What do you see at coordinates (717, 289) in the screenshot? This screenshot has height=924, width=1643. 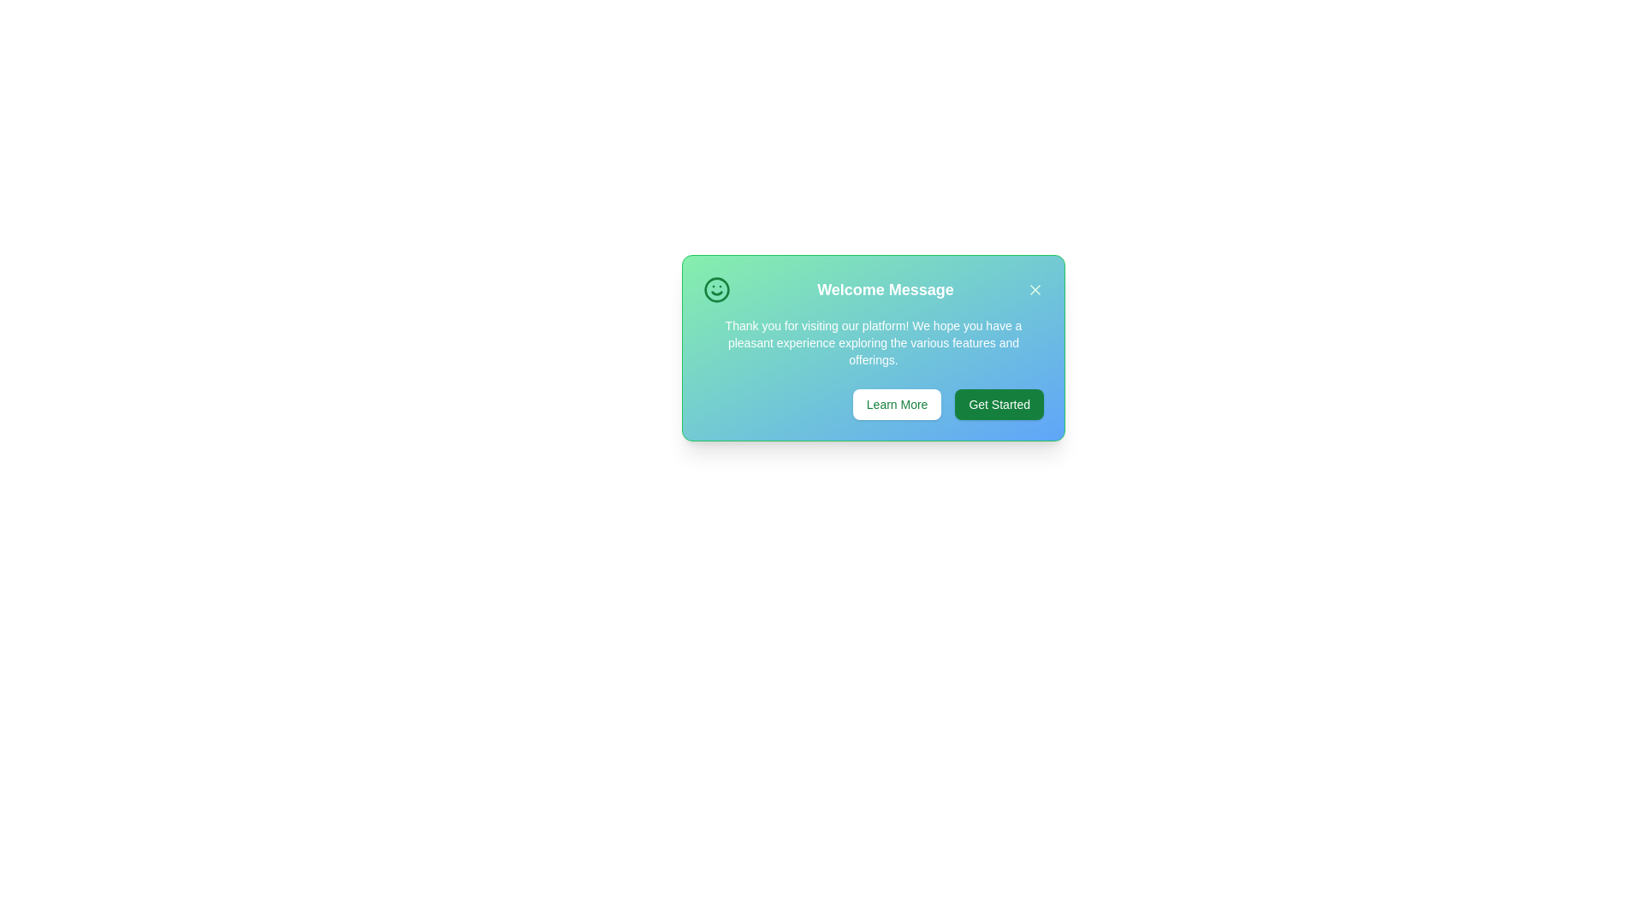 I see `the smiley icon visually by centering it in the viewport` at bounding box center [717, 289].